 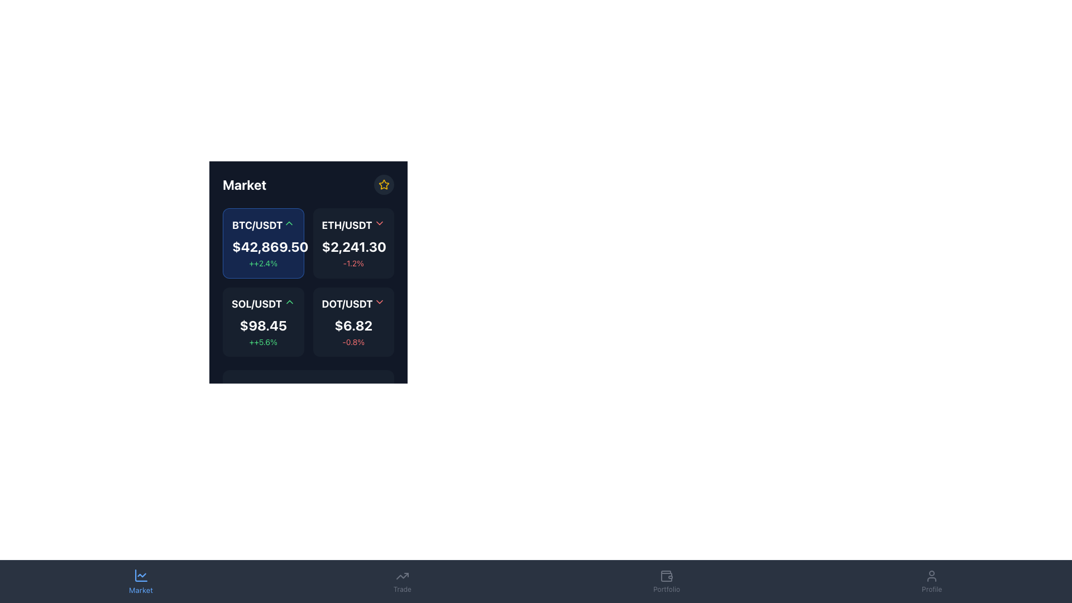 I want to click on the textual label indicating the 'Profile' section located at the bottom center of the interface, below the user icon in the navigation bar, so click(x=932, y=589).